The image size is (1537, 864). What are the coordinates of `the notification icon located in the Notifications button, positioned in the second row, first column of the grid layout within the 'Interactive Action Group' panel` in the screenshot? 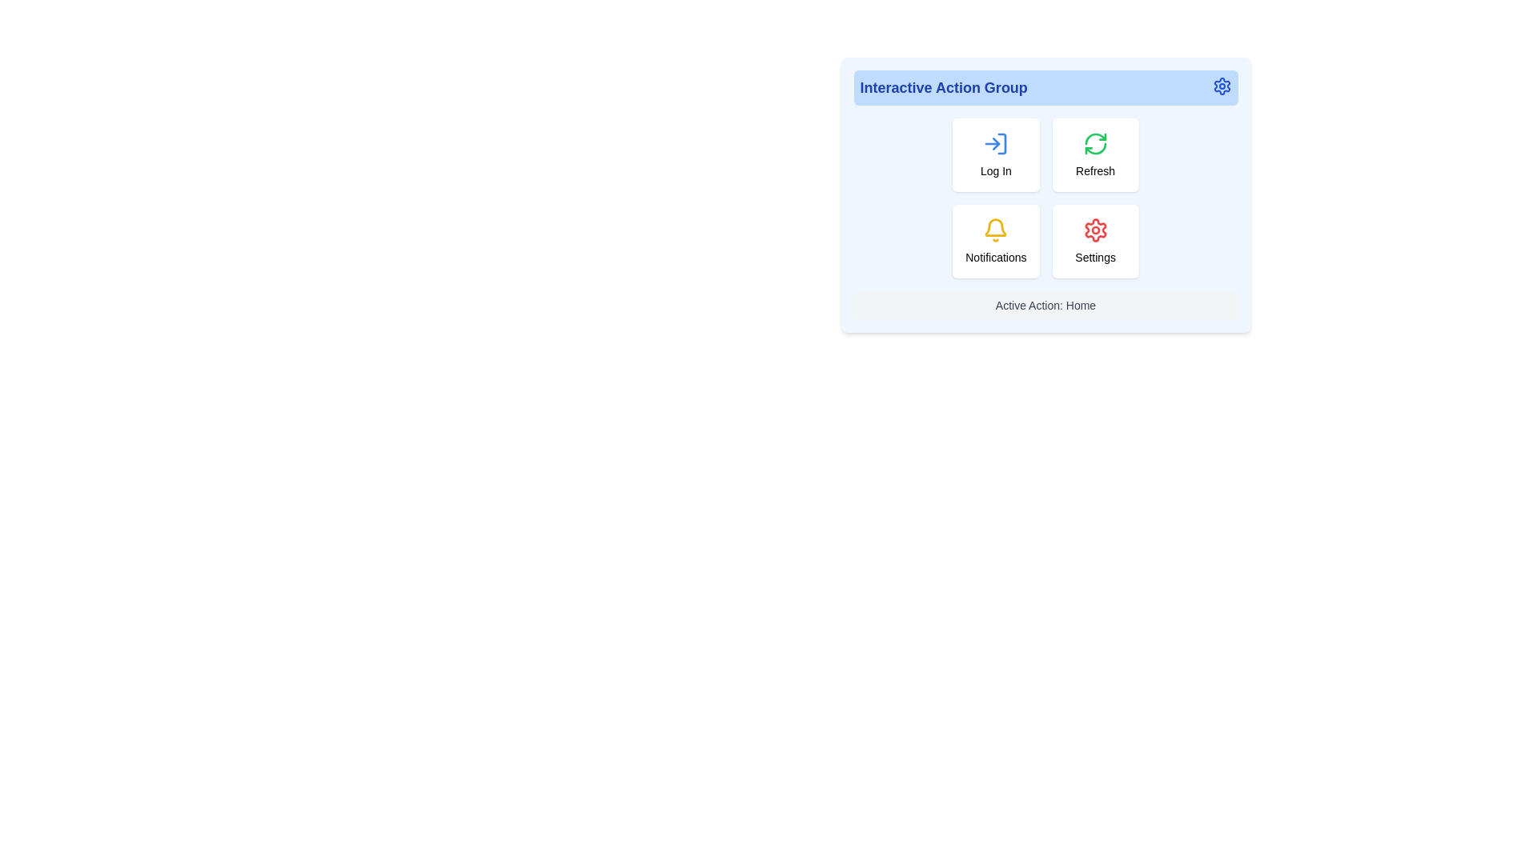 It's located at (995, 227).